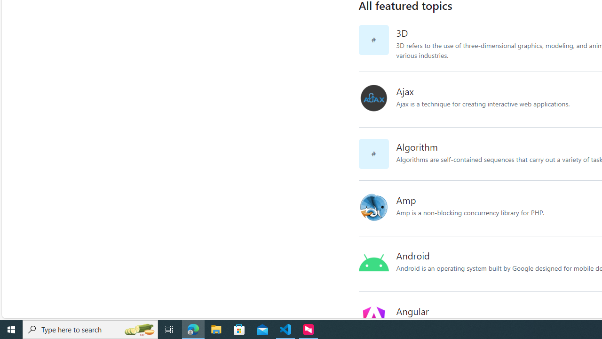  I want to click on 'ajax', so click(377, 99).